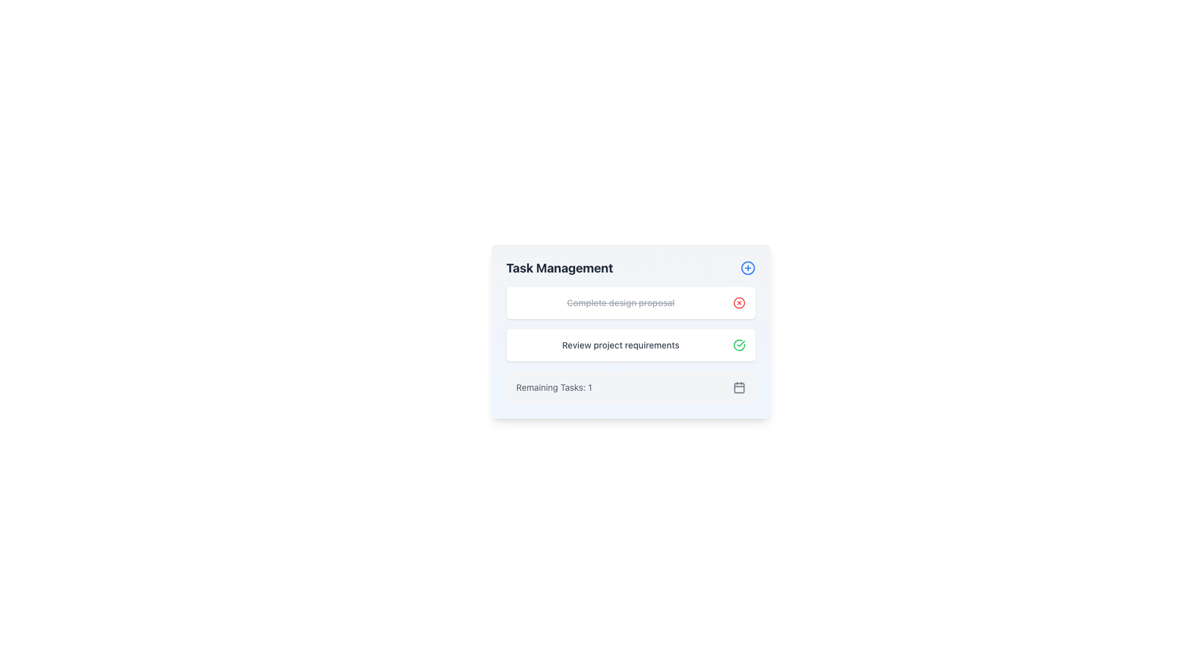 This screenshot has height=672, width=1195. I want to click on the calendar icon button located at the lower-right of the task management card, so click(739, 387).